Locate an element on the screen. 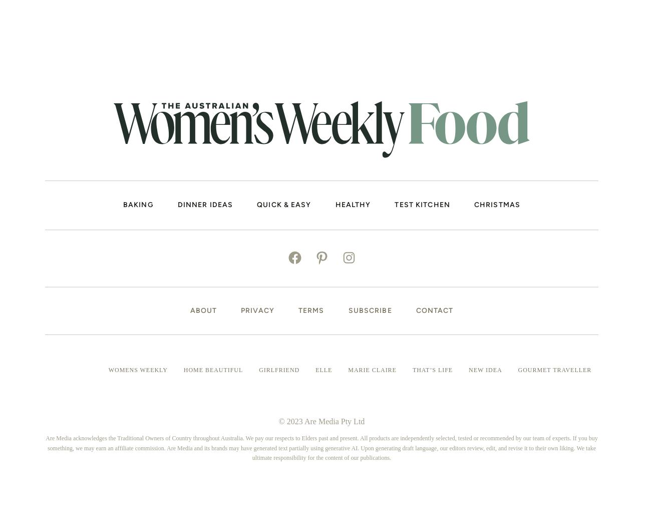  'Healthy' is located at coordinates (334, 204).